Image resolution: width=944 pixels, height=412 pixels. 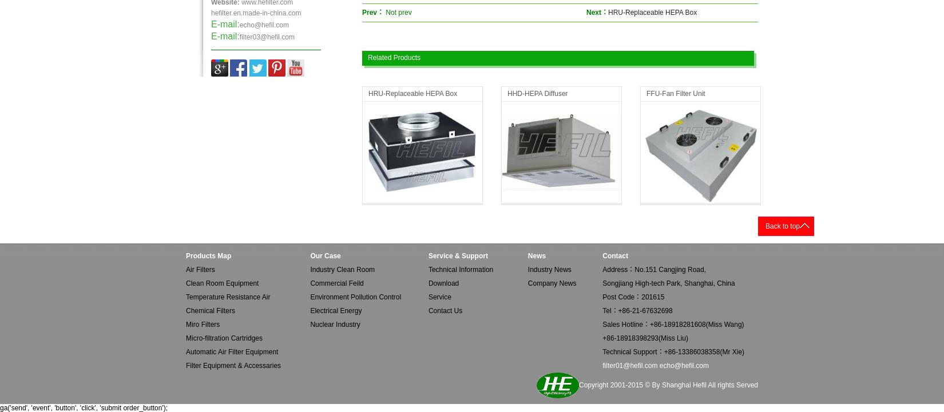 I want to click on 'Service', so click(x=439, y=297).